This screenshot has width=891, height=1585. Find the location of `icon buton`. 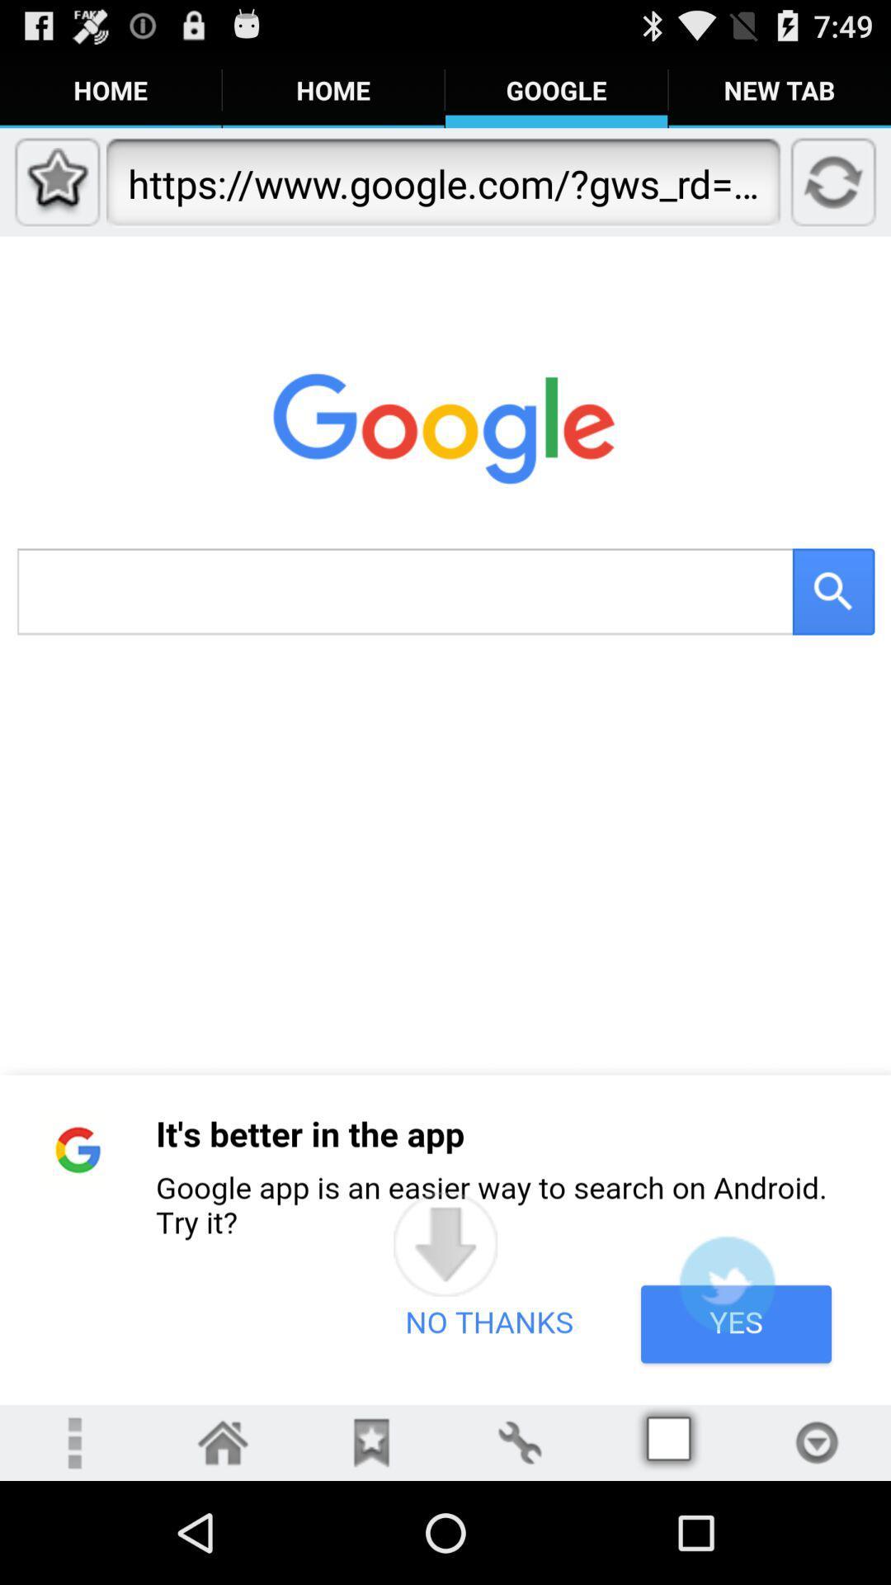

icon buton is located at coordinates (223, 1441).